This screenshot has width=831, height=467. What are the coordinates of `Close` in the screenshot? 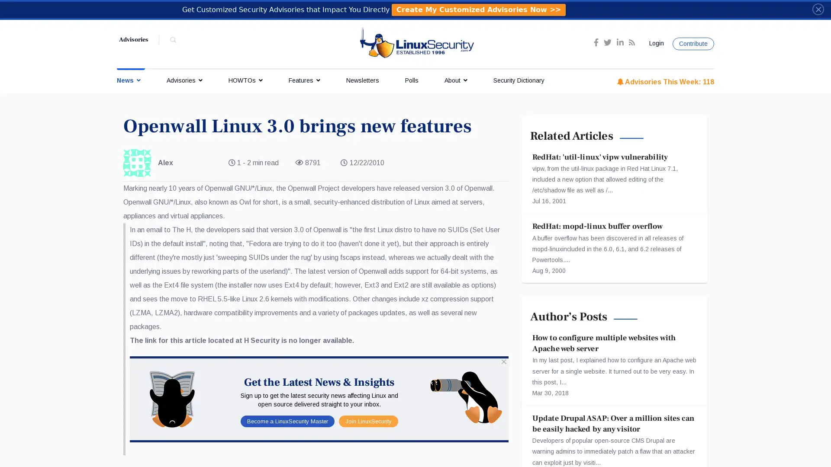 It's located at (818, 9).